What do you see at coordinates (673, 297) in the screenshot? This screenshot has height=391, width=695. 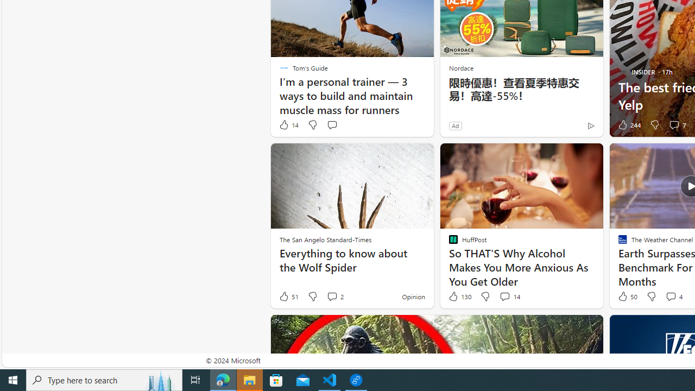 I see `'View comments 4 Comment'` at bounding box center [673, 297].